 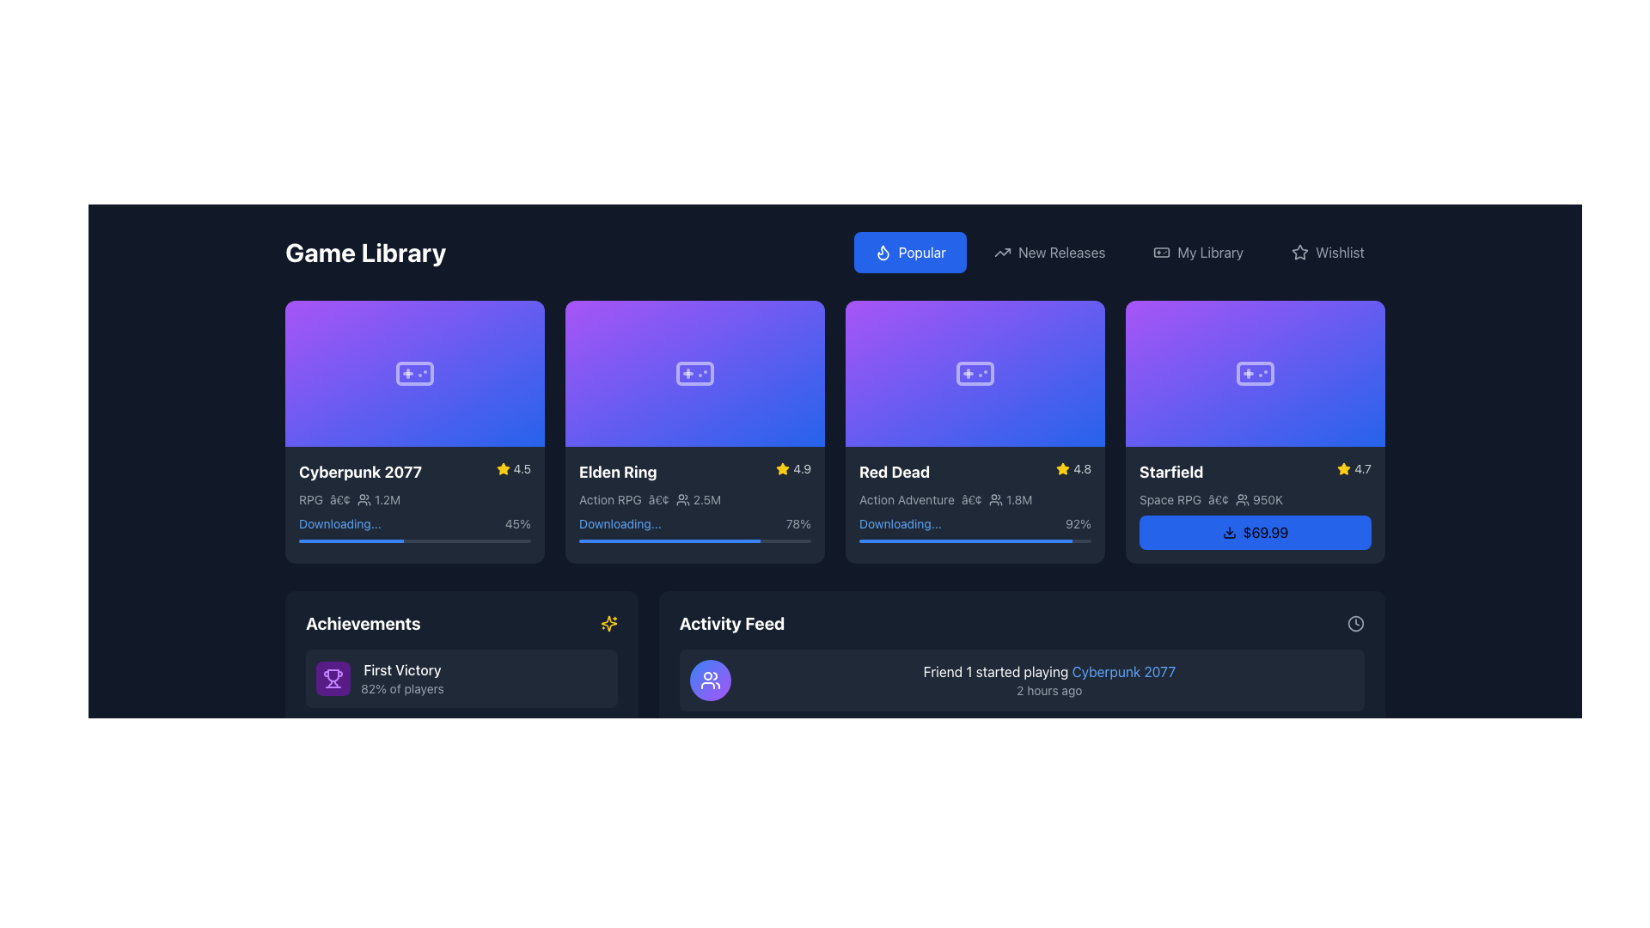 I want to click on the icon representing the human population count, which is located within the third card in a horizontal row, next to the text '1.8M', so click(x=996, y=499).